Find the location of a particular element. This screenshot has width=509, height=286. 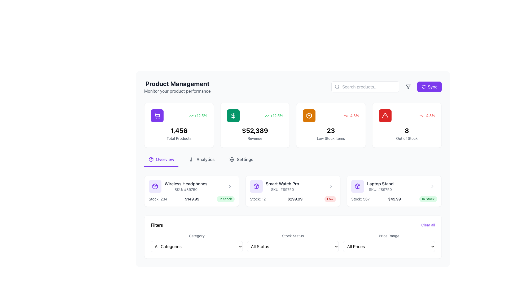

the shopping cart icon's basket element located at the top-left corner of the purple tile on the dashboard is located at coordinates (157, 115).